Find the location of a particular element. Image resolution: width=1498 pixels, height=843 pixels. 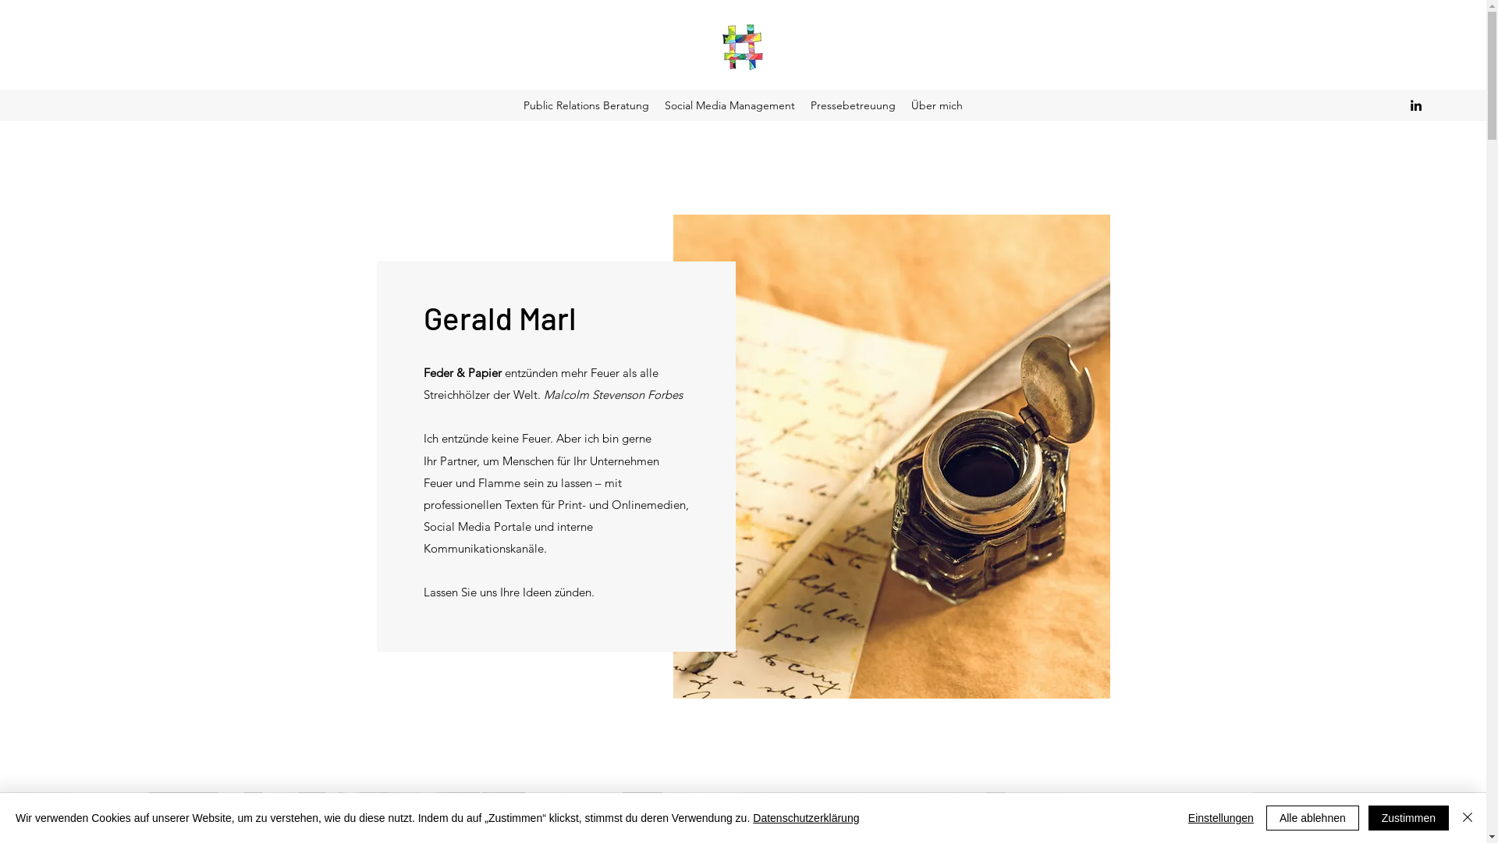

'Zustimmen' is located at coordinates (1367, 817).